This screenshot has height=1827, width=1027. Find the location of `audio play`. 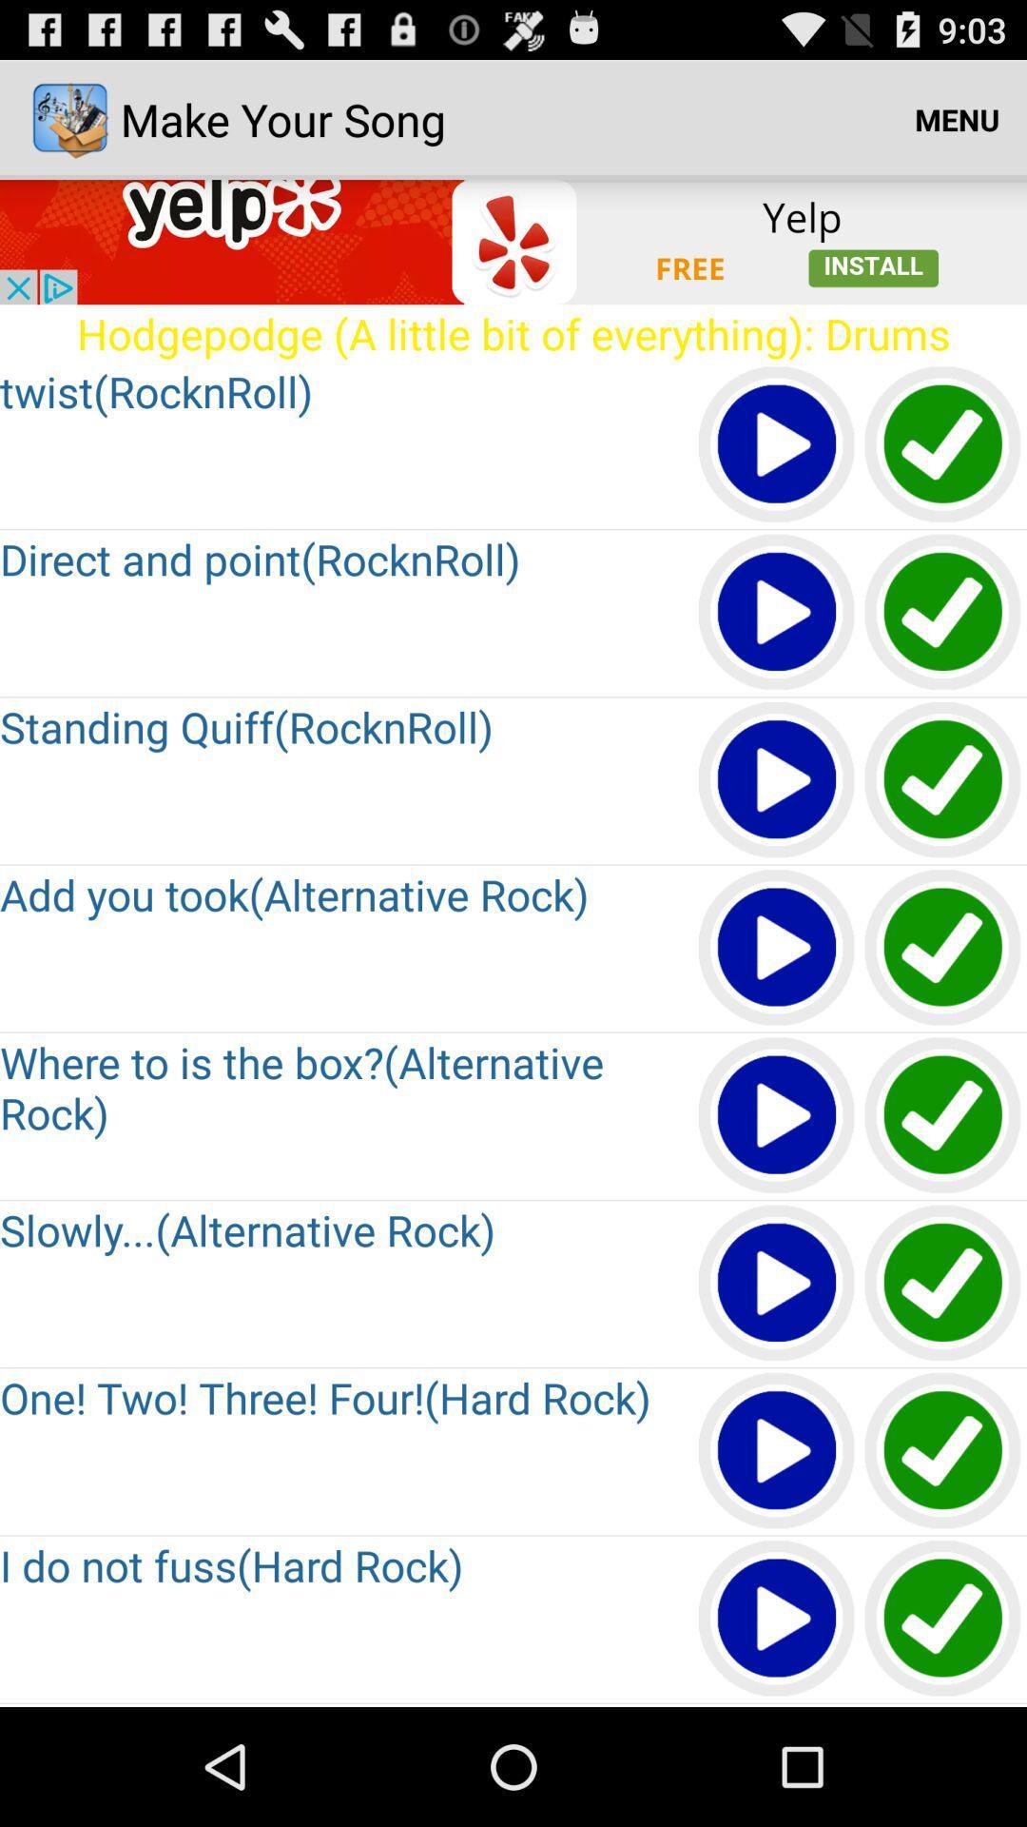

audio play is located at coordinates (777, 1450).